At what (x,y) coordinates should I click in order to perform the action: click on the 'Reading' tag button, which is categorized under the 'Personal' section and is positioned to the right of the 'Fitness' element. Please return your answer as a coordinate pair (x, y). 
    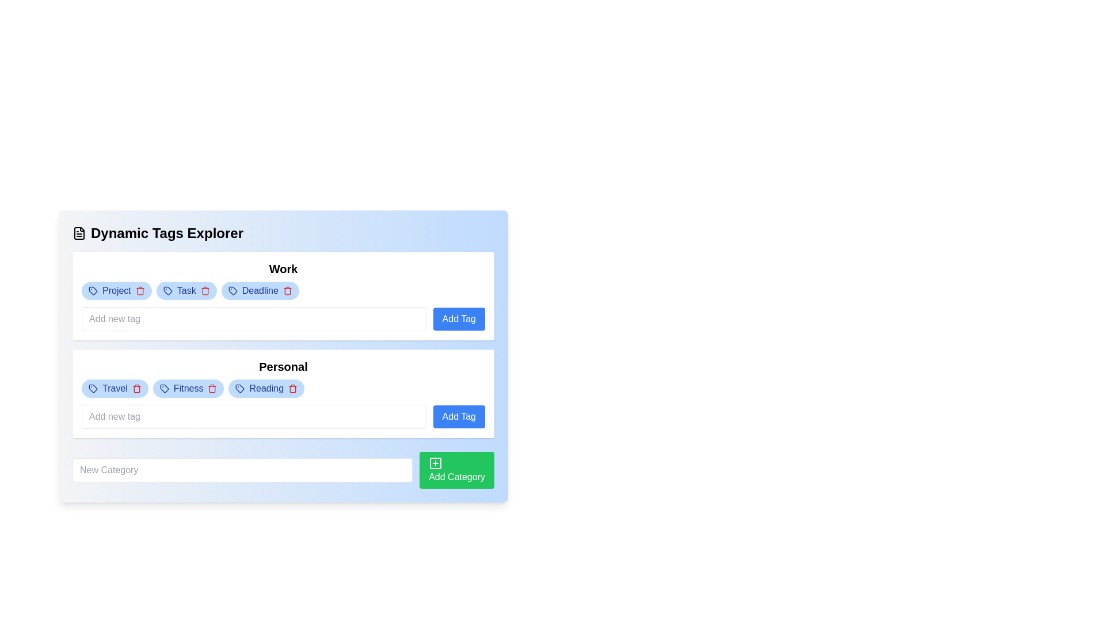
    Looking at the image, I should click on (266, 388).